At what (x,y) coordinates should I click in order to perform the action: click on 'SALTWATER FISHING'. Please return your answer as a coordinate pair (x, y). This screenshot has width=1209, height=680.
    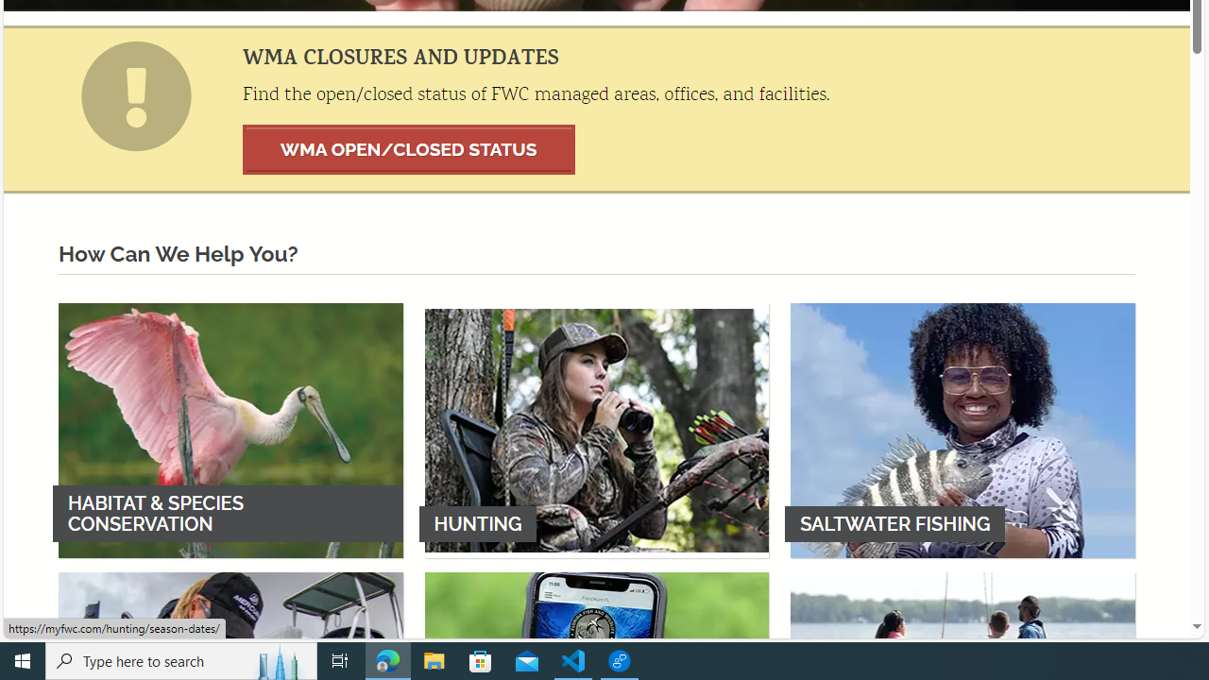
    Looking at the image, I should click on (962, 430).